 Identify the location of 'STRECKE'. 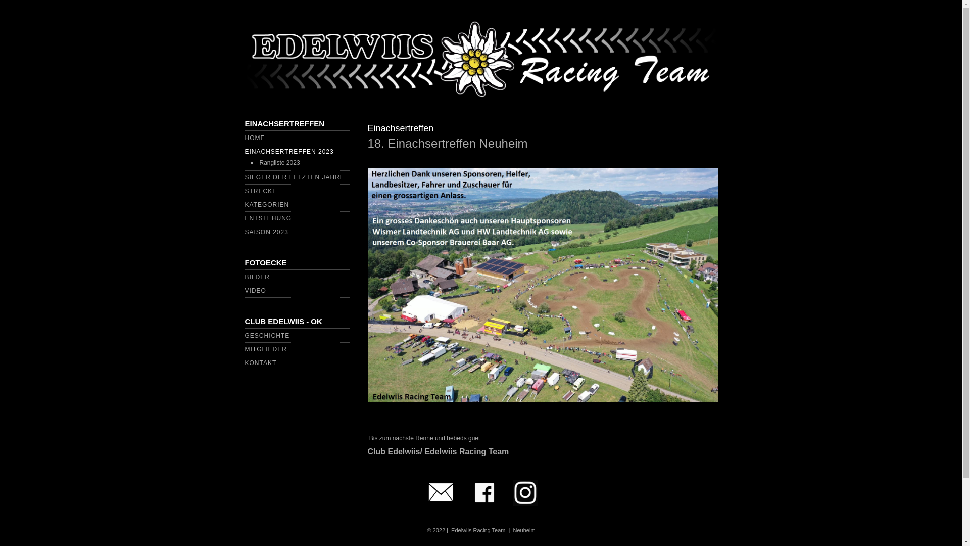
(260, 191).